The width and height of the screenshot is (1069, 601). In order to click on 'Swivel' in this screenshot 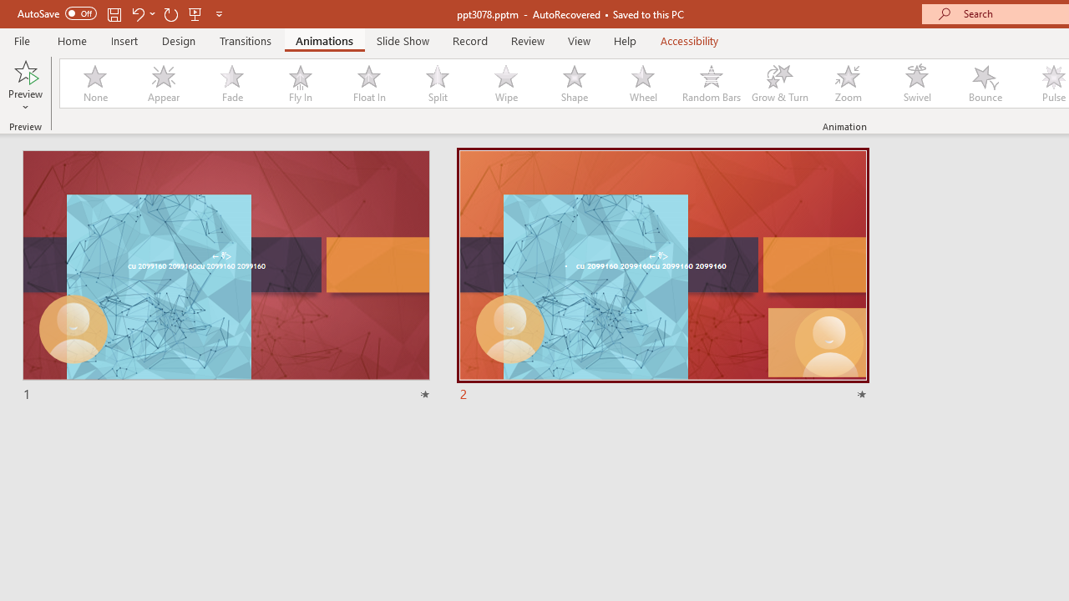, I will do `click(916, 83)`.